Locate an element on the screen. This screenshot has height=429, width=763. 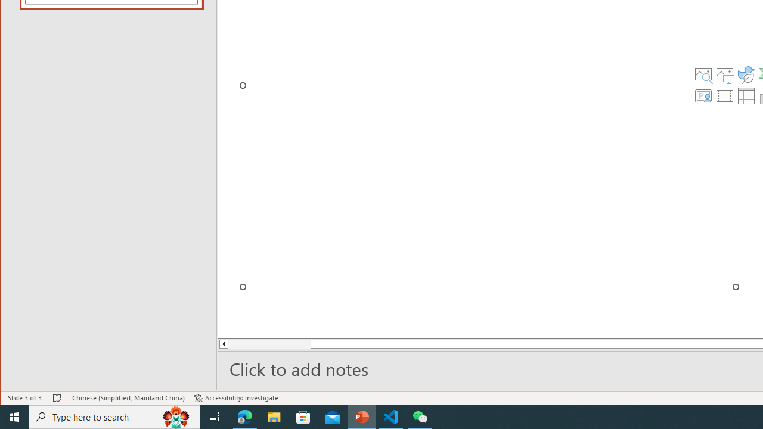
'Microsoft Store' is located at coordinates (303, 416).